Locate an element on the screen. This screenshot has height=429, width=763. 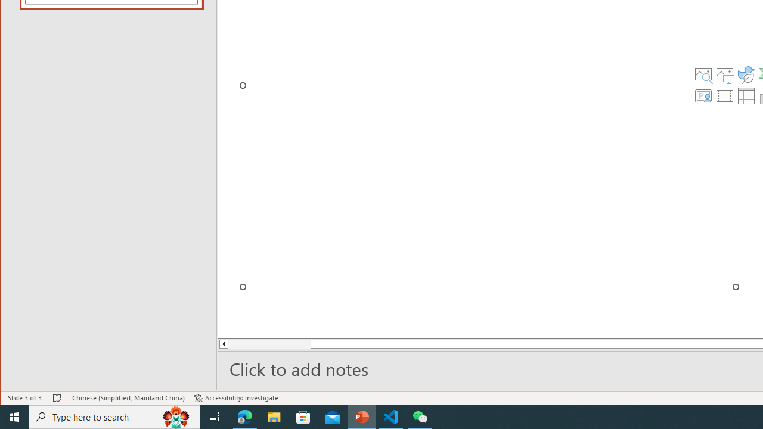
'Microsoft Store' is located at coordinates (303, 416).